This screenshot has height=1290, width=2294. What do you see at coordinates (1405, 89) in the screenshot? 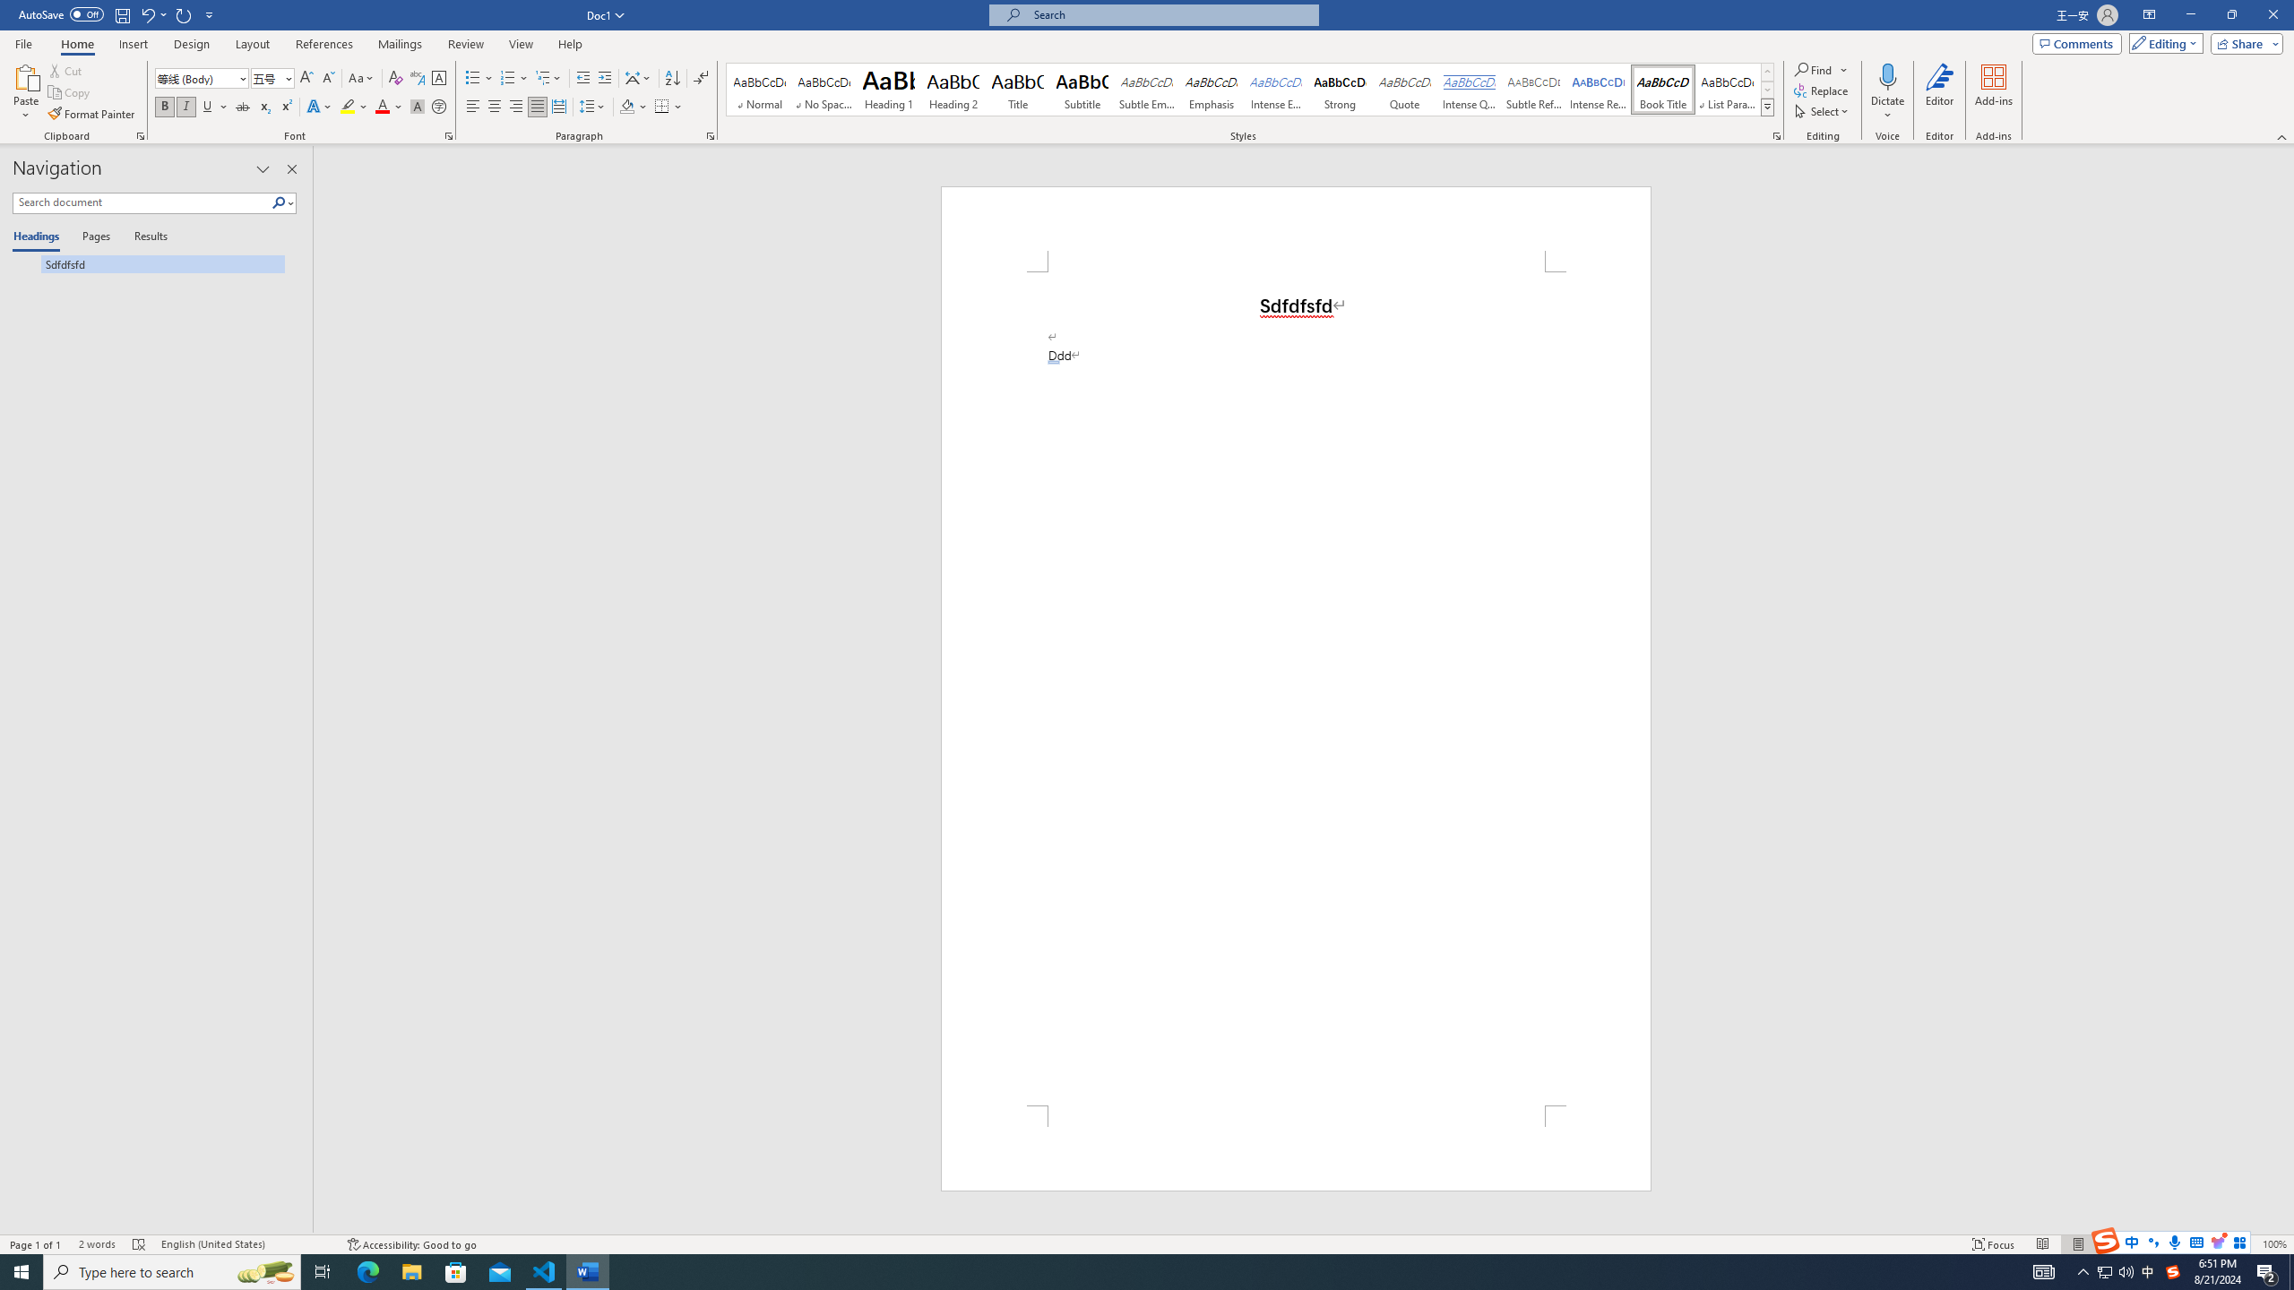
I see `'Quote'` at bounding box center [1405, 89].